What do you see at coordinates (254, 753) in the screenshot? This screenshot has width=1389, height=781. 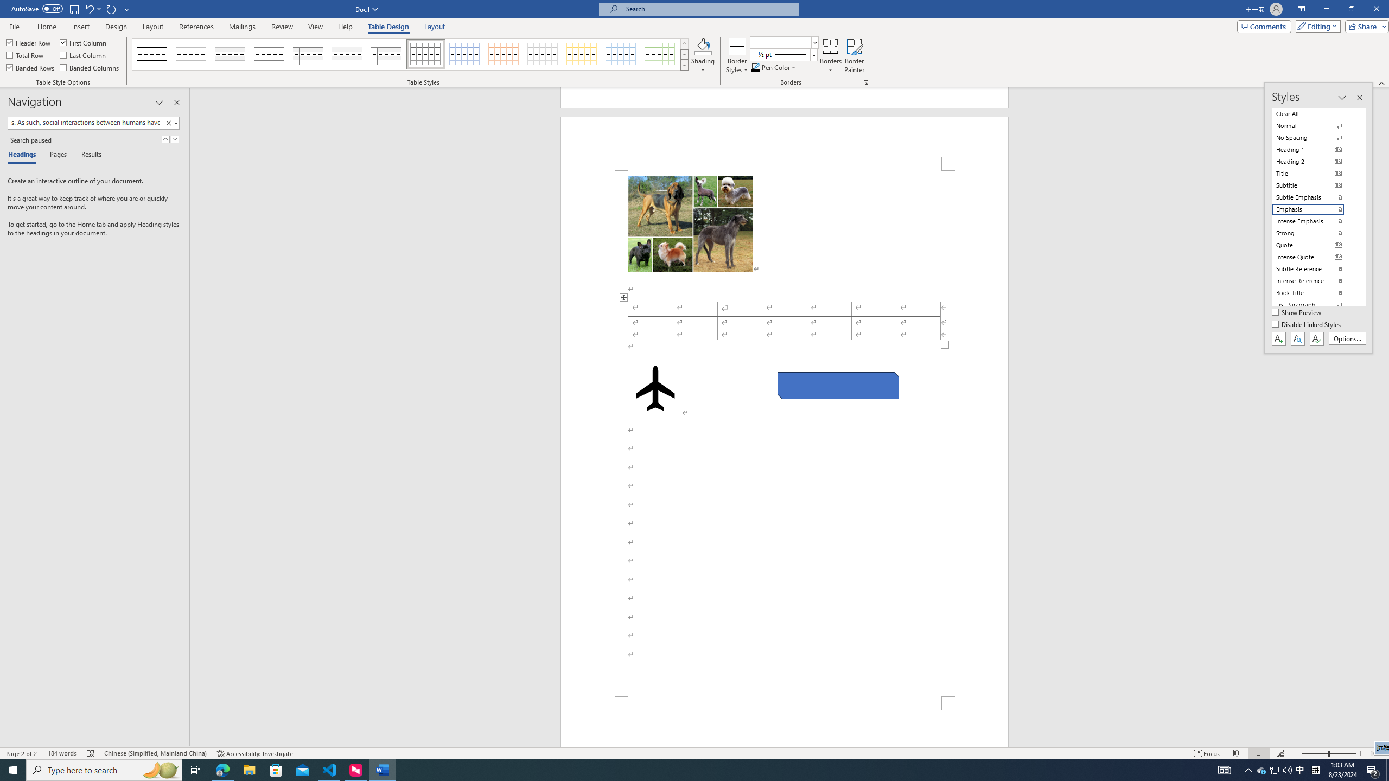 I see `'Accessibility Checker Accessibility: Investigate'` at bounding box center [254, 753].